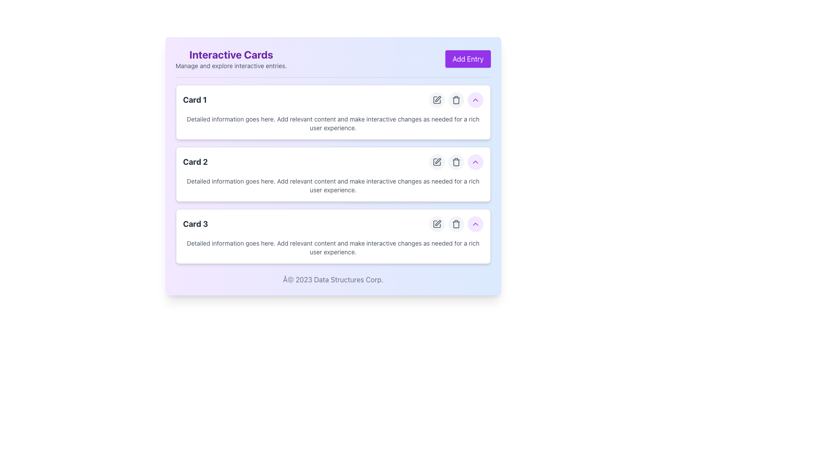  What do you see at coordinates (438, 161) in the screenshot?
I see `the pen icon representing the edit symbol located in the second interactive card at the right side of the card's header` at bounding box center [438, 161].